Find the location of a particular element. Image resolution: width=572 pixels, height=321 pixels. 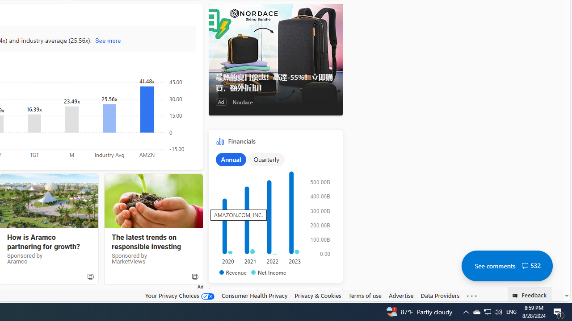

'Your Privacy Choices' is located at coordinates (179, 295).